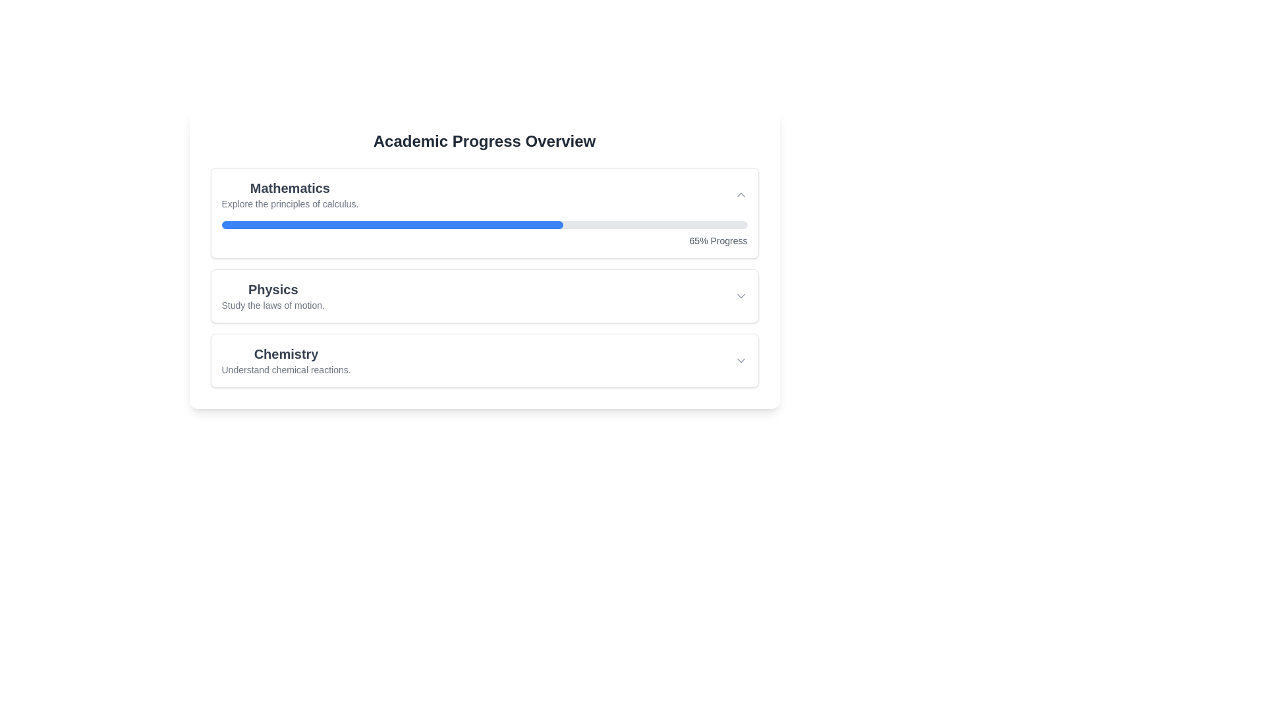 This screenshot has width=1265, height=711. What do you see at coordinates (484, 296) in the screenshot?
I see `the 'Physics' collapsible section` at bounding box center [484, 296].